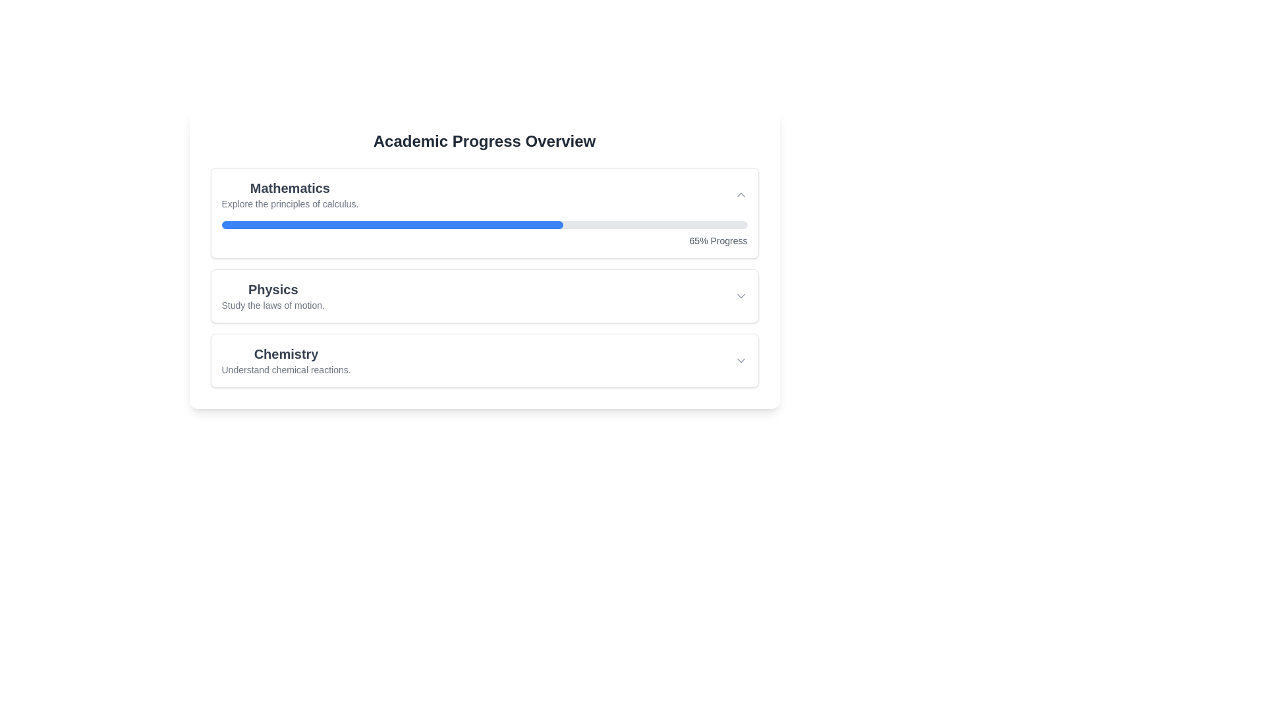 This screenshot has width=1265, height=711. What do you see at coordinates (484, 296) in the screenshot?
I see `the 'Physics' collapsible section` at bounding box center [484, 296].